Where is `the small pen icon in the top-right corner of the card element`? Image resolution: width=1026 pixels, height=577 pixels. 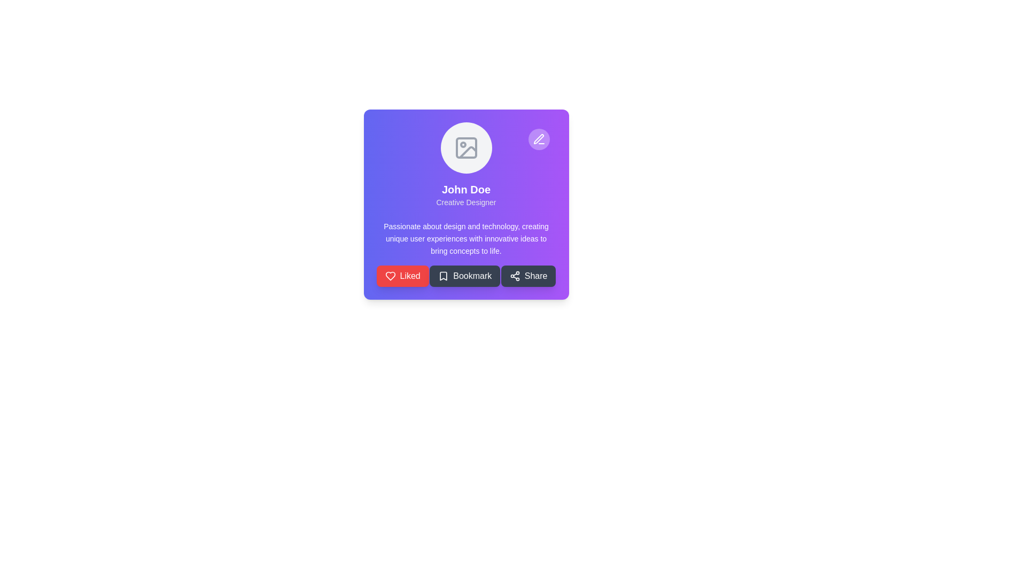 the small pen icon in the top-right corner of the card element is located at coordinates (539, 139).